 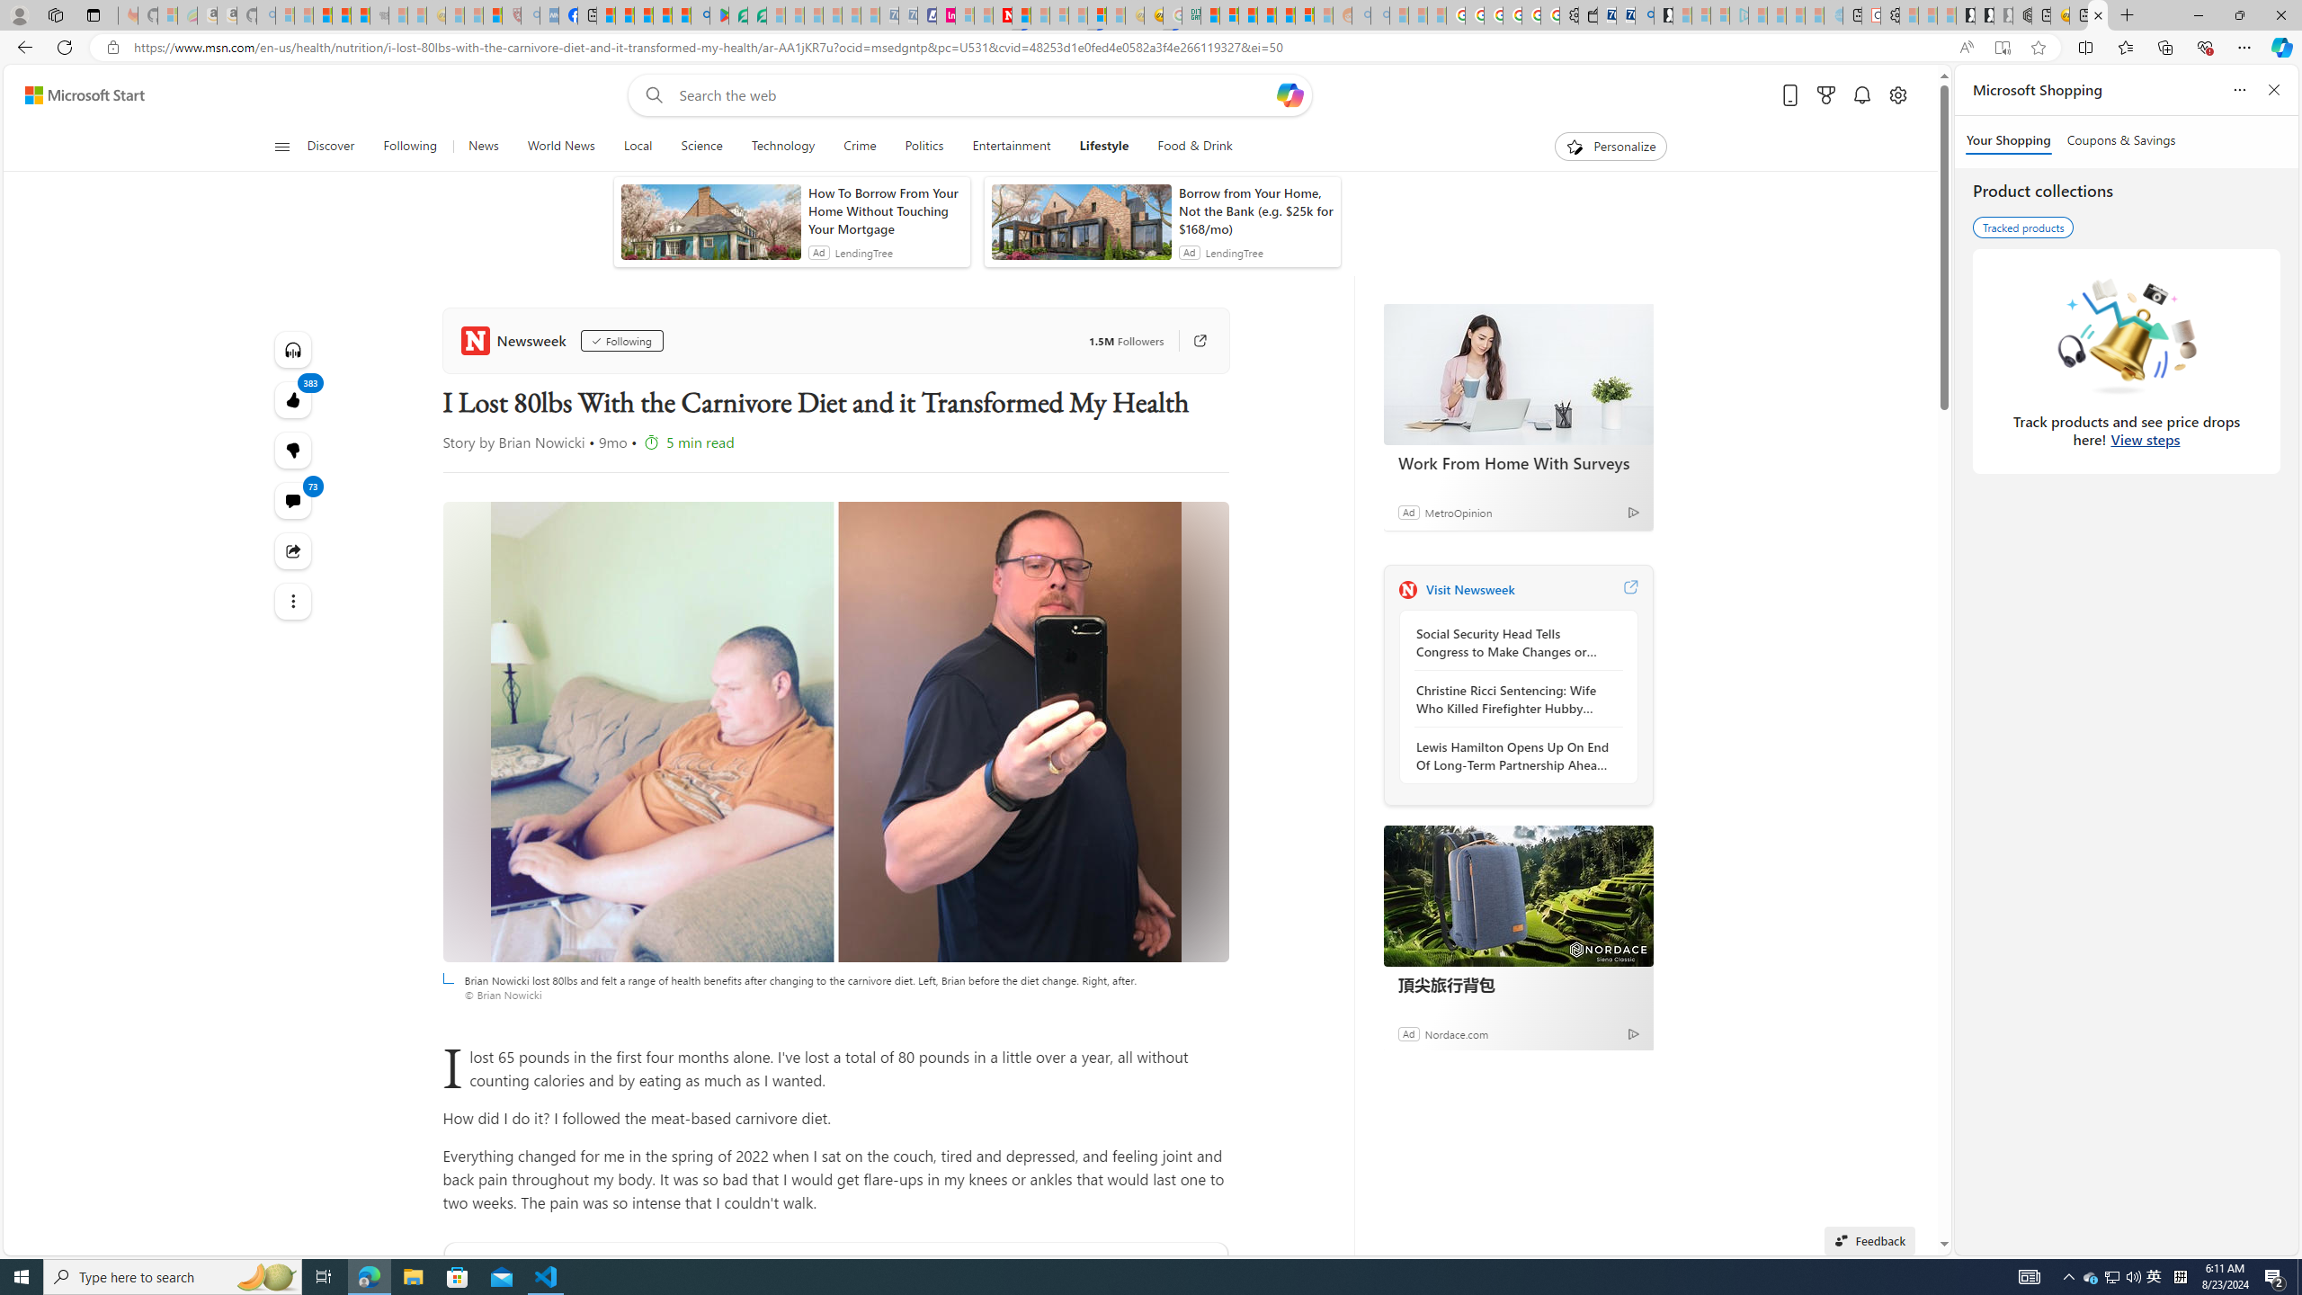 I want to click on 'Local', so click(x=638, y=146).